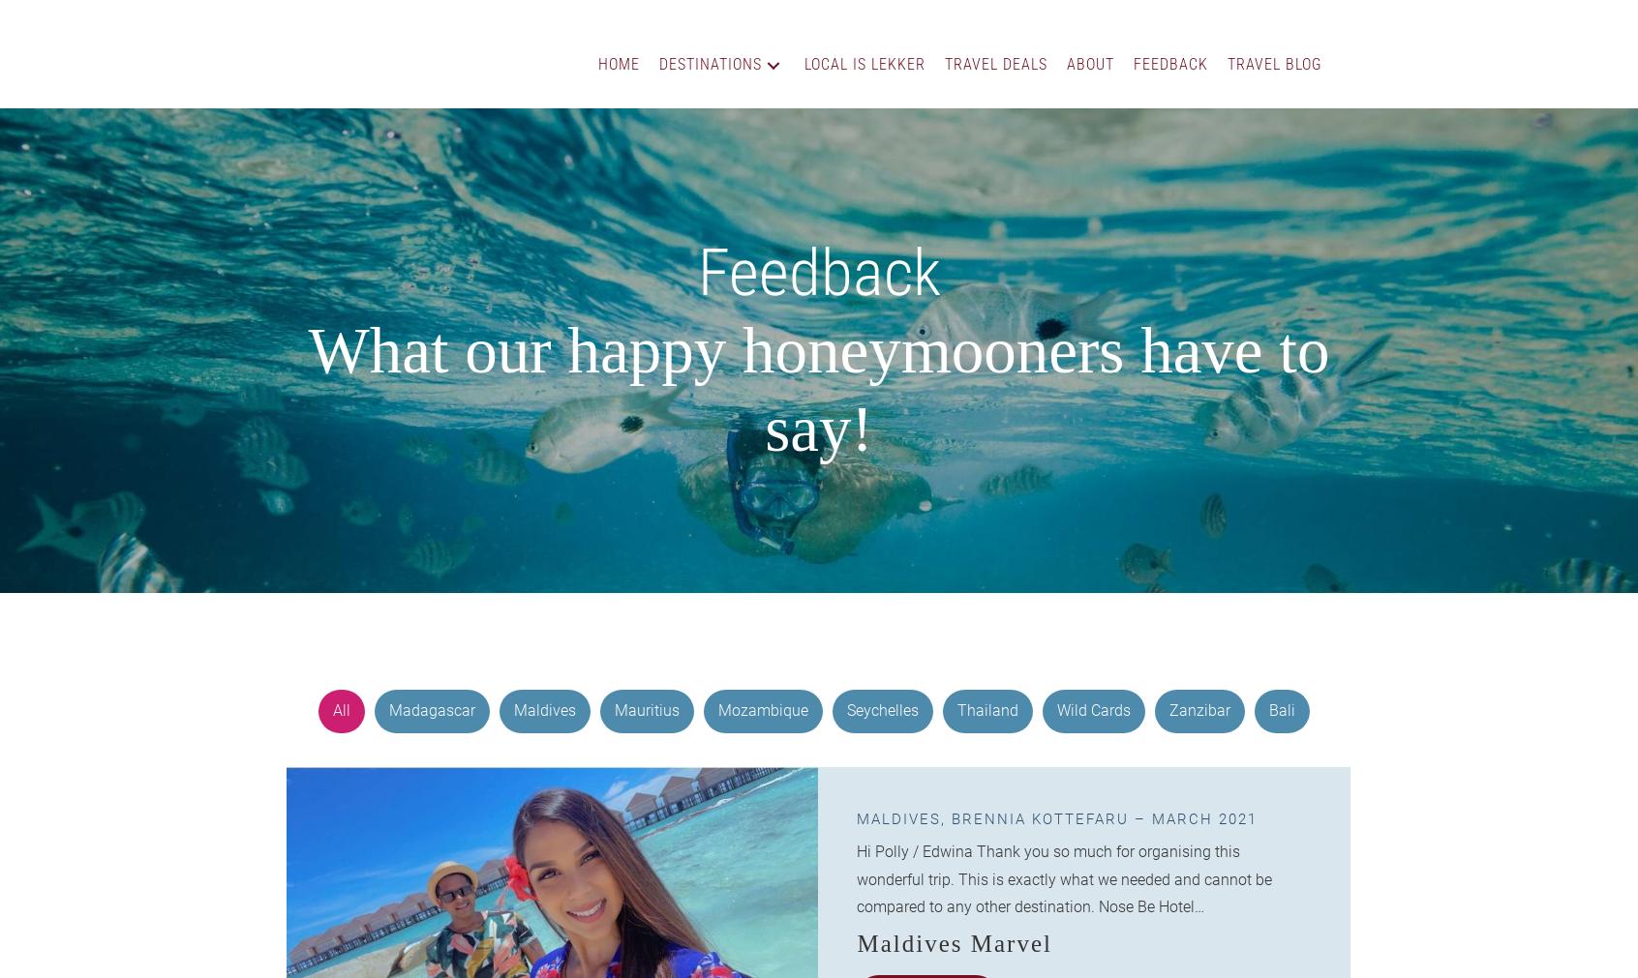  Describe the element at coordinates (1281, 709) in the screenshot. I see `'Bali'` at that location.